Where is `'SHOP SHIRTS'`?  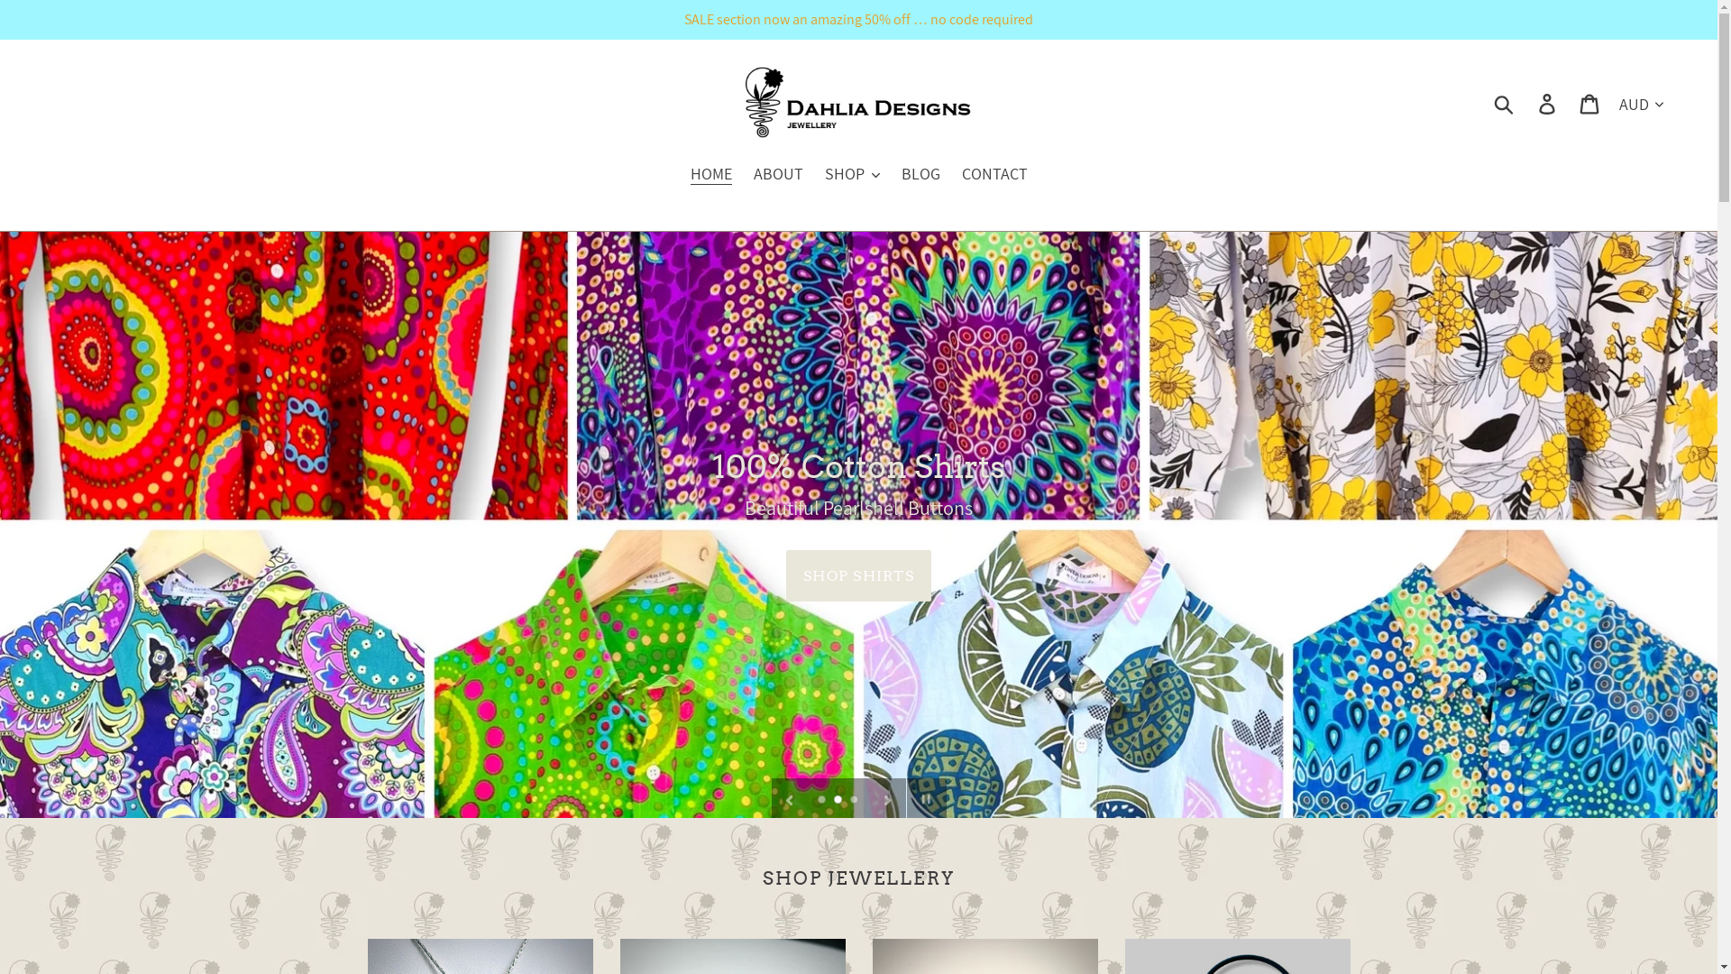 'SHOP SHIRTS' is located at coordinates (857, 587).